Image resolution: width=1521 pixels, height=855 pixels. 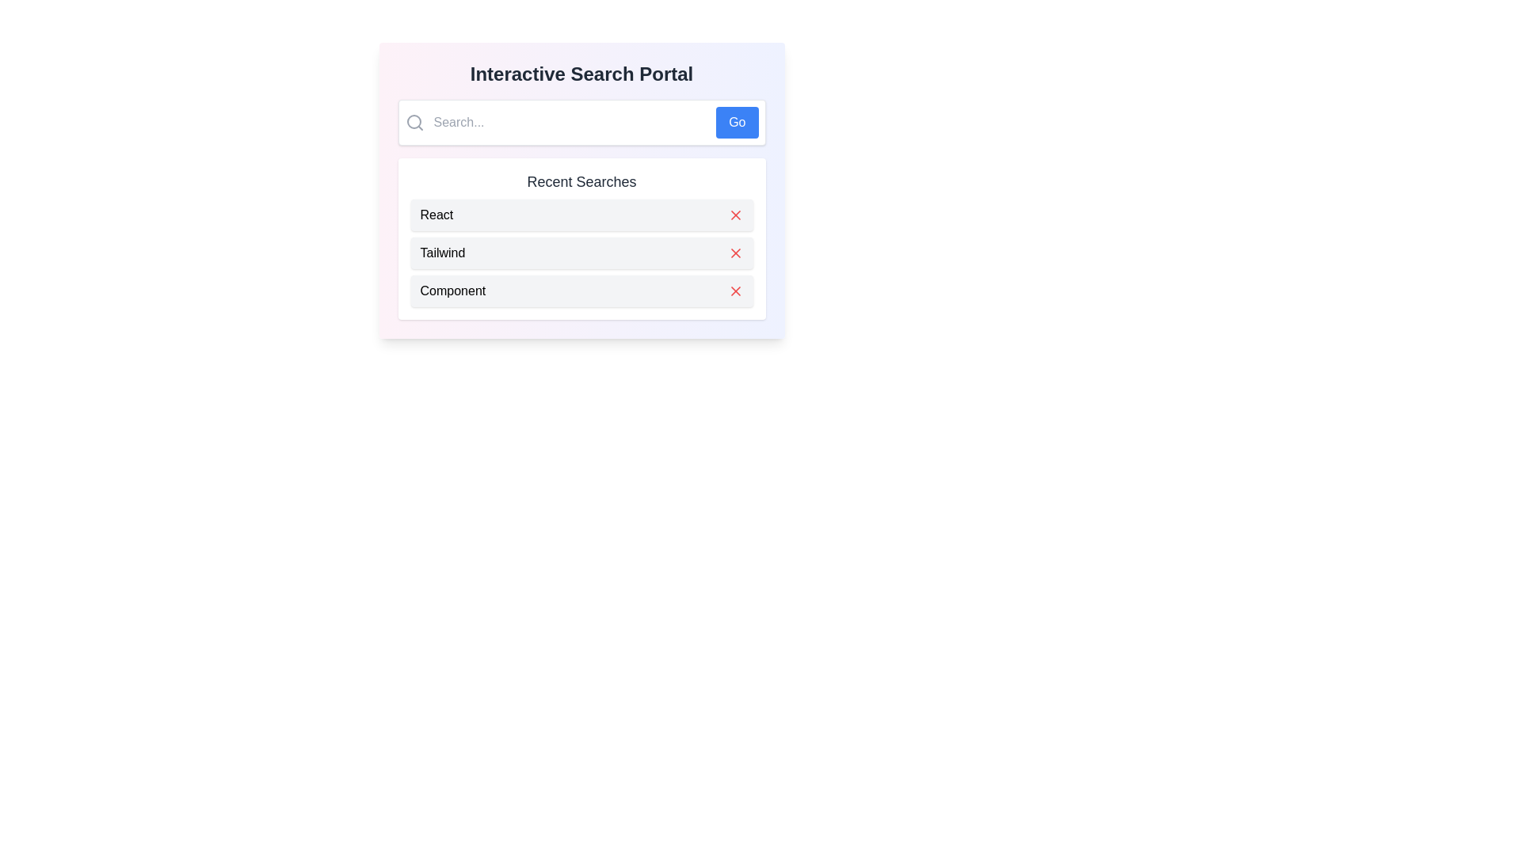 What do you see at coordinates (436, 215) in the screenshot?
I see `the text label displaying 'React' in black font` at bounding box center [436, 215].